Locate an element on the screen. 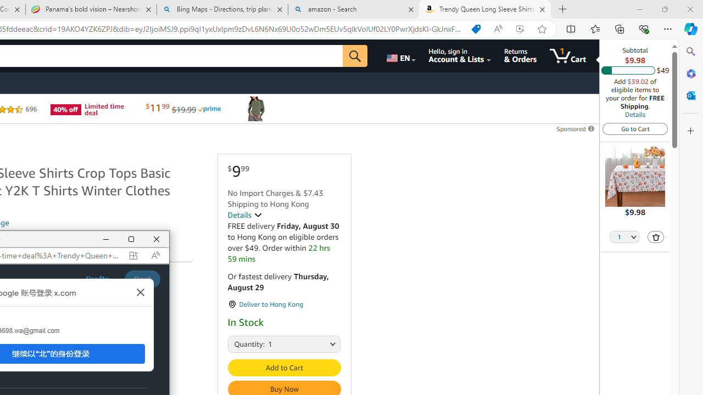 This screenshot has width=703, height=395. '1 item in cart' is located at coordinates (568, 55).